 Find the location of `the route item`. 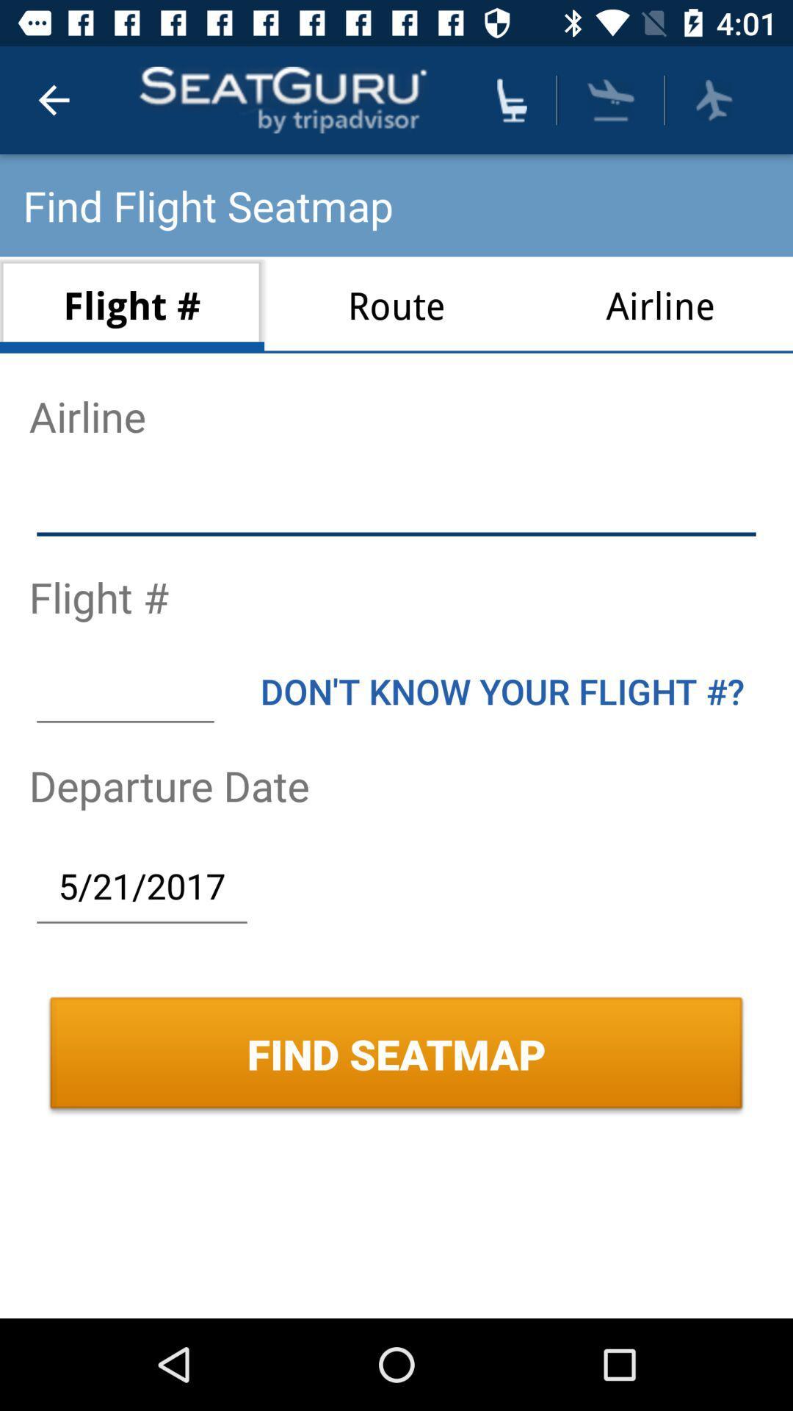

the route item is located at coordinates (396, 304).